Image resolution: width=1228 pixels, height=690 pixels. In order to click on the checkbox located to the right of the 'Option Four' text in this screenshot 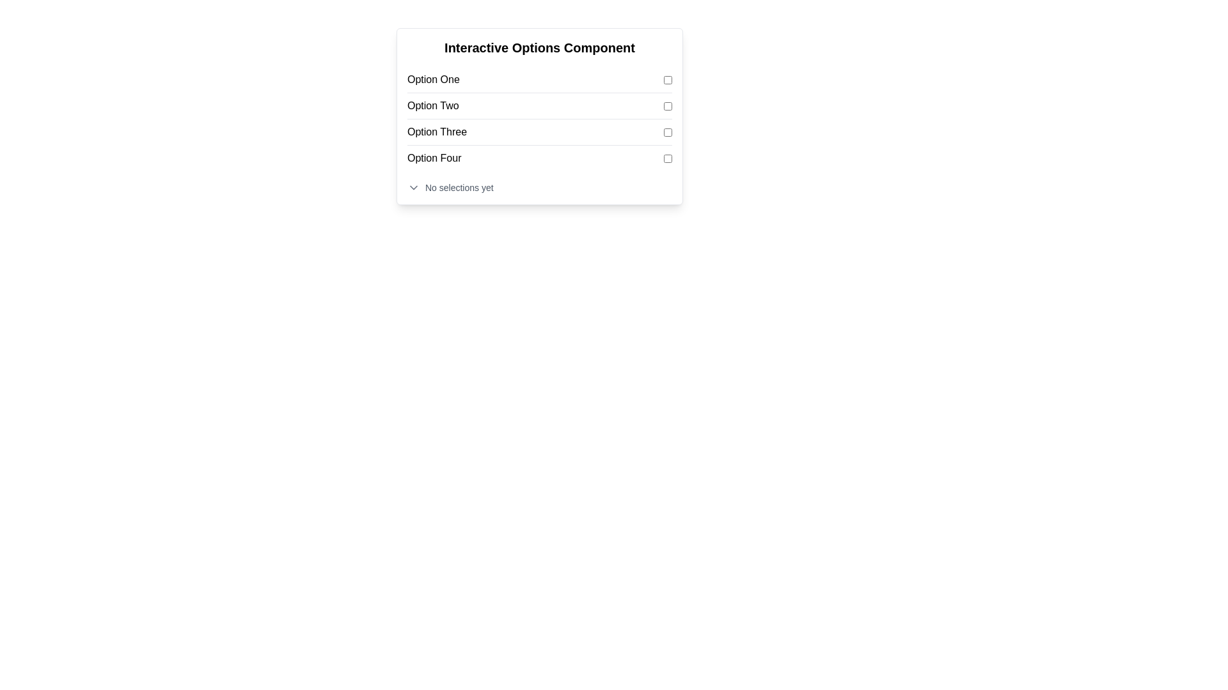, I will do `click(667, 157)`.